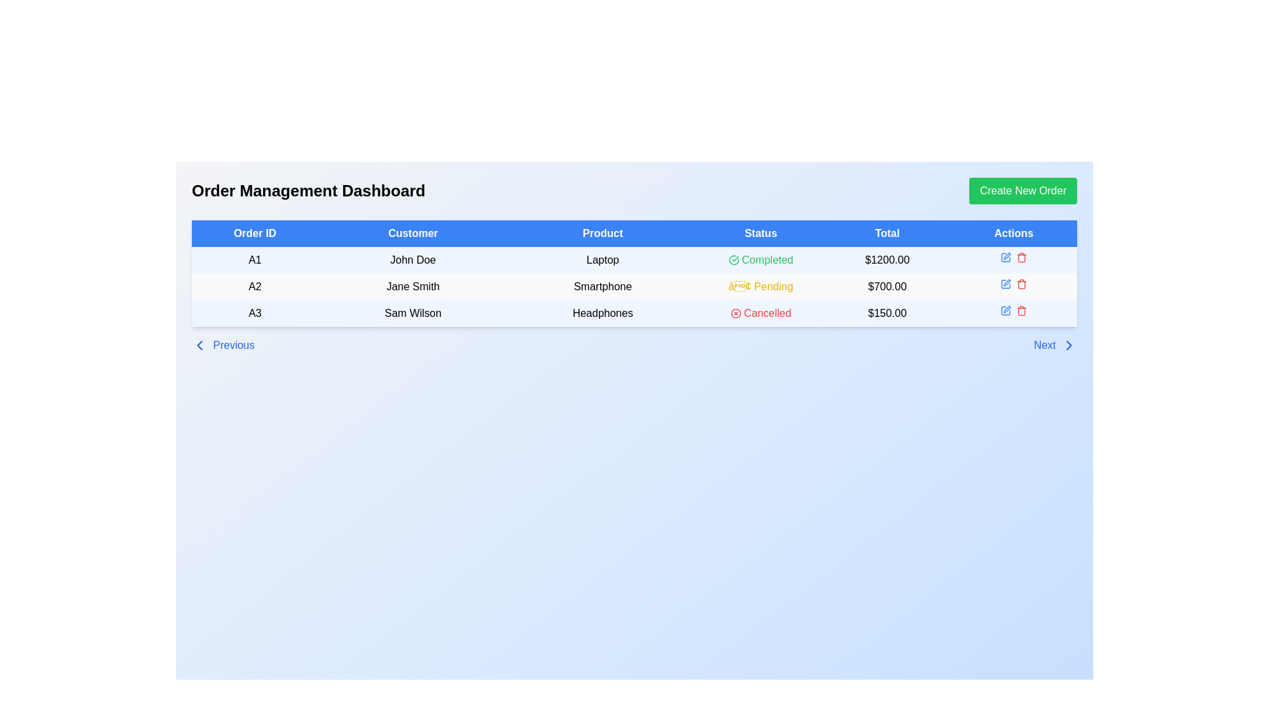 The height and width of the screenshot is (719, 1279). I want to click on the 'Edit' icon button located in the 'Actions' column of the first row of the table, adjacent to the 'Total' column displaying $1200.00, so click(1006, 257).